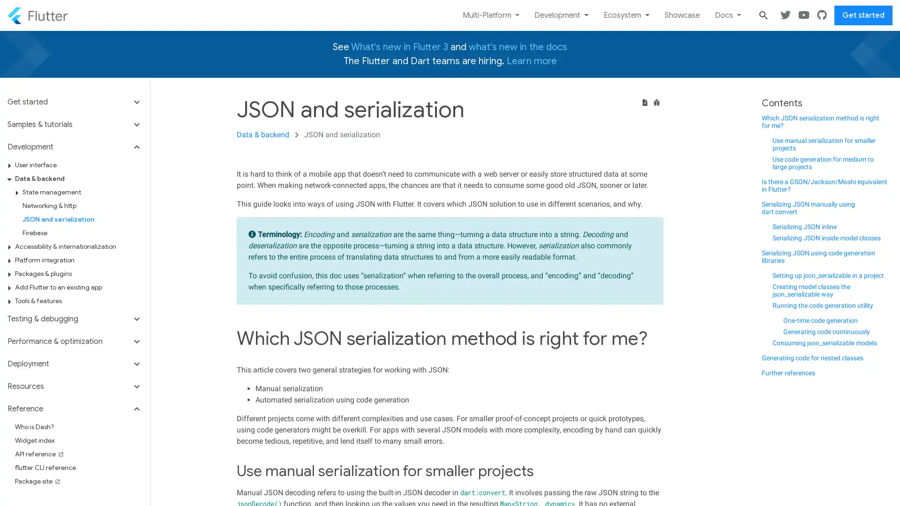 This screenshot has width=900, height=506. What do you see at coordinates (78, 260) in the screenshot?
I see `arrow_drop_down Platform integration` at bounding box center [78, 260].